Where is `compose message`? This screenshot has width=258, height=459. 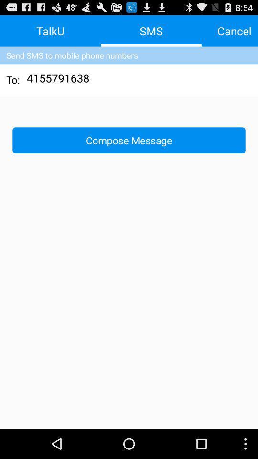 compose message is located at coordinates (129, 140).